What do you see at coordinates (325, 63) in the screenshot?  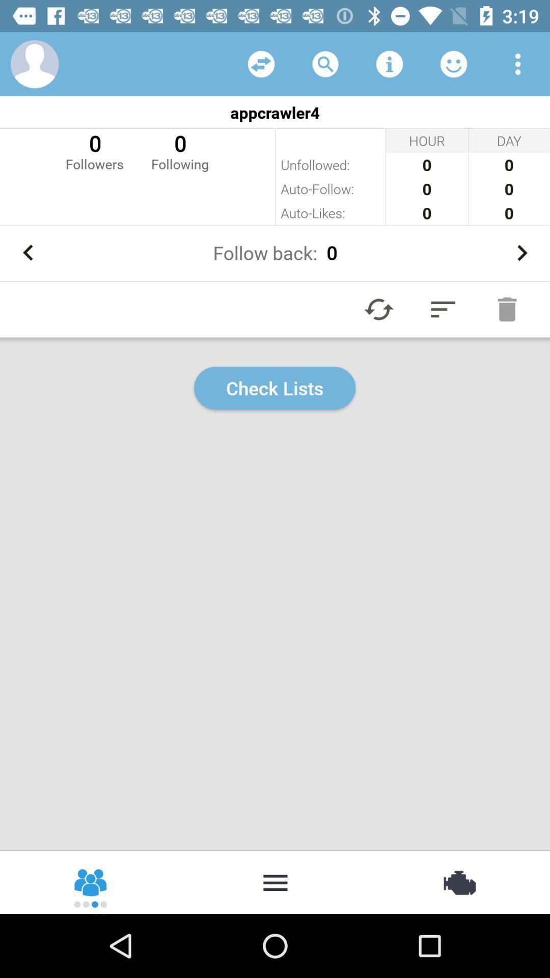 I see `search button` at bounding box center [325, 63].